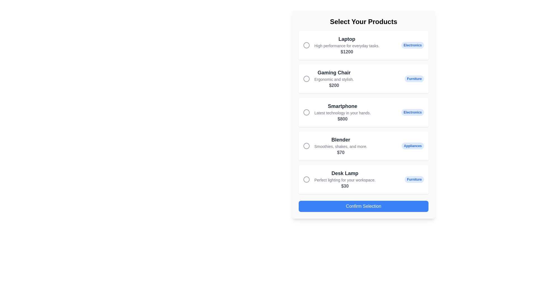 The height and width of the screenshot is (302, 537). What do you see at coordinates (306, 112) in the screenshot?
I see `the radio button for the 'Smartphone' product, which is located to the left of the bold text 'Smartphone' in the third item of a vertical list on the right panel` at bounding box center [306, 112].